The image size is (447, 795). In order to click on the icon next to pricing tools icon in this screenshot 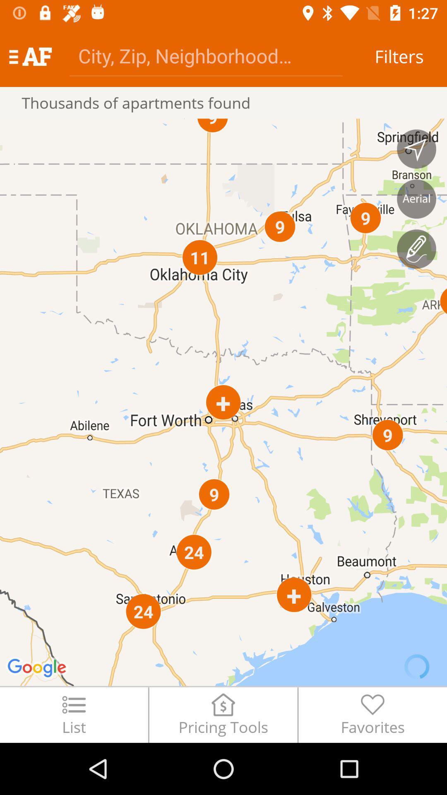, I will do `click(73, 714)`.